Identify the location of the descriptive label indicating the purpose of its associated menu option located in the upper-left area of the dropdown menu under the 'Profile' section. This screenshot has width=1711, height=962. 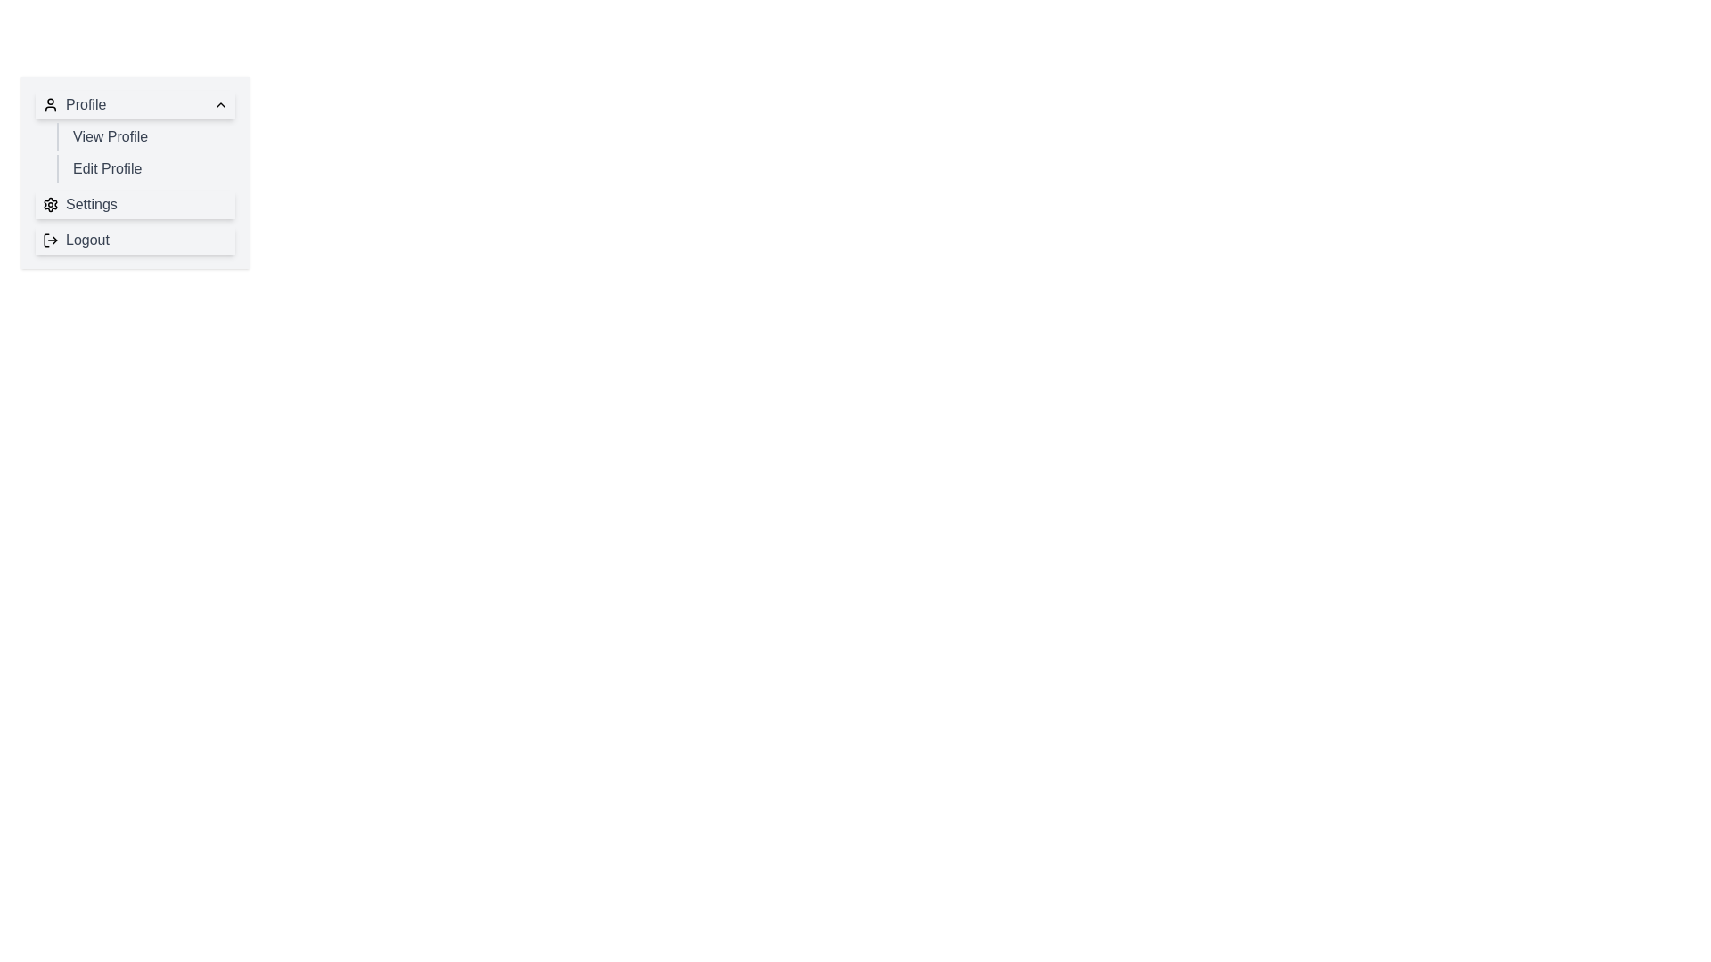
(110, 136).